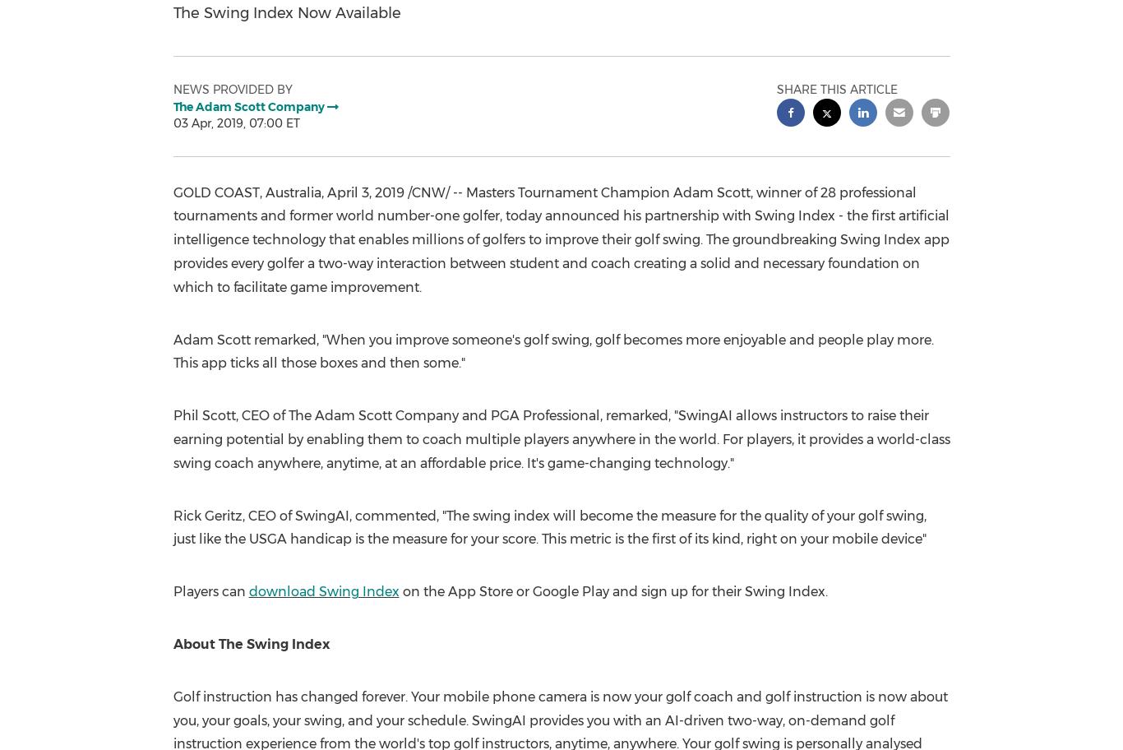 The image size is (1123, 750). What do you see at coordinates (837, 88) in the screenshot?
I see `'Share this article'` at bounding box center [837, 88].